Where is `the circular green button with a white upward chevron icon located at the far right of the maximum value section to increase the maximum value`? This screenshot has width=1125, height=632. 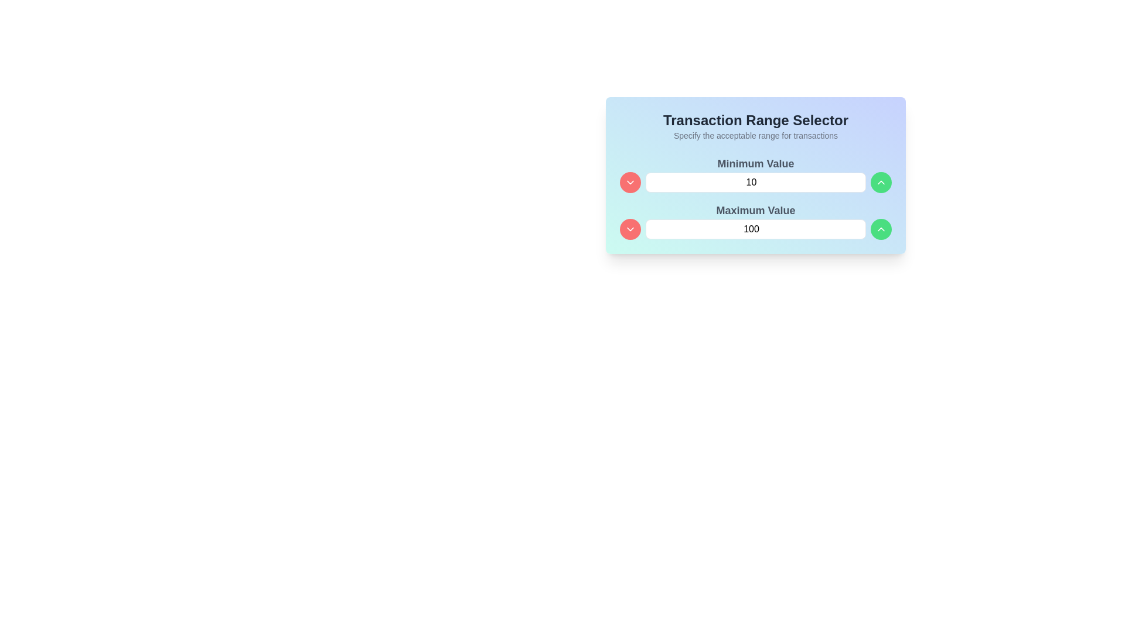 the circular green button with a white upward chevron icon located at the far right of the maximum value section to increase the maximum value is located at coordinates (881, 183).